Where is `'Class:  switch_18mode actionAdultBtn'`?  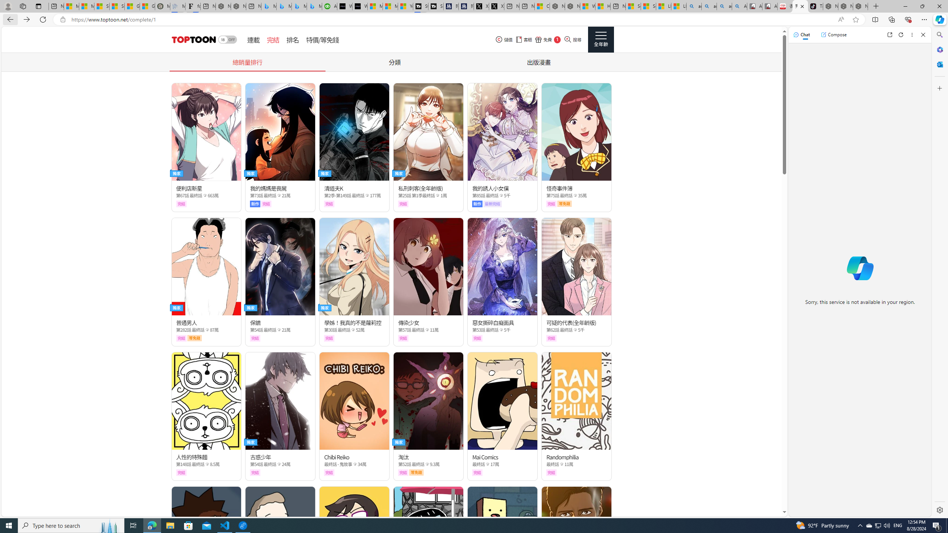
'Class:  switch_18mode actionAdultBtn' is located at coordinates (227, 40).